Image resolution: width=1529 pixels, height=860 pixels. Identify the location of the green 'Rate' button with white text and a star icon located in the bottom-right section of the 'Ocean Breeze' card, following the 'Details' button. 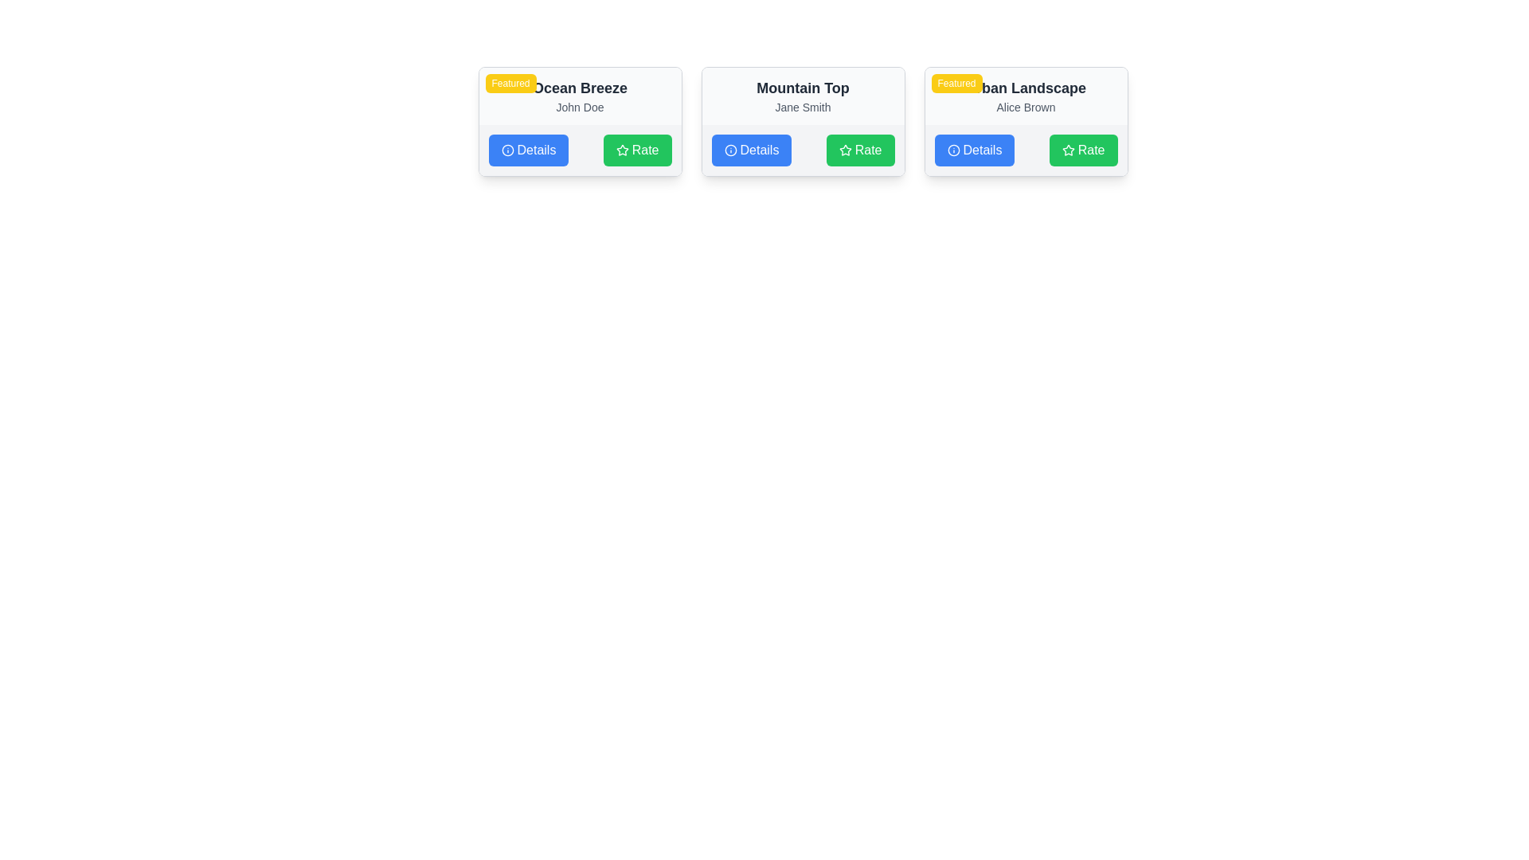
(637, 150).